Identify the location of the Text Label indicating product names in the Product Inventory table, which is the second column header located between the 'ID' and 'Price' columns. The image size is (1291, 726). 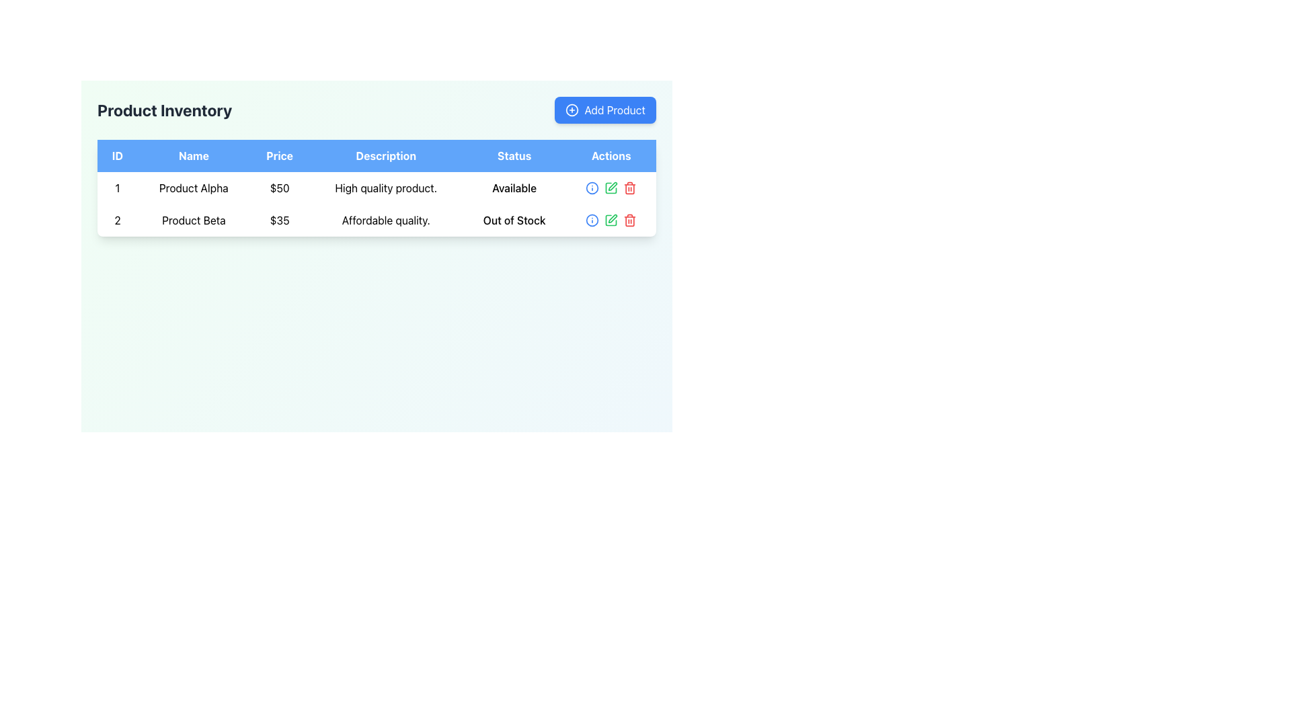
(193, 155).